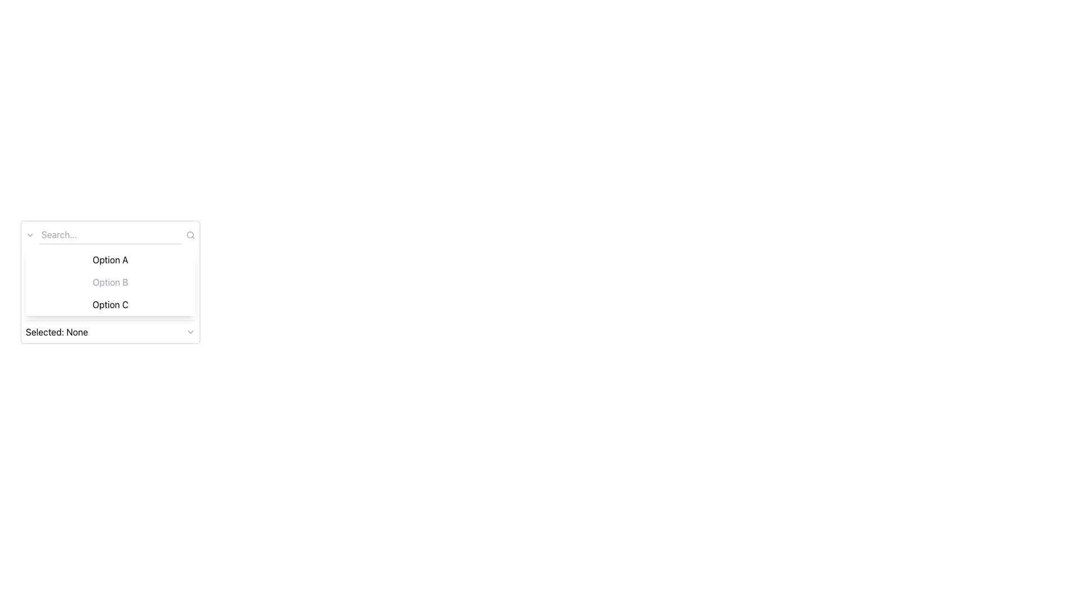 This screenshot has width=1077, height=605. Describe the element at coordinates (191, 234) in the screenshot. I see `the magnifying glass icon located at the rightmost side of the horizontal group of elements` at that location.